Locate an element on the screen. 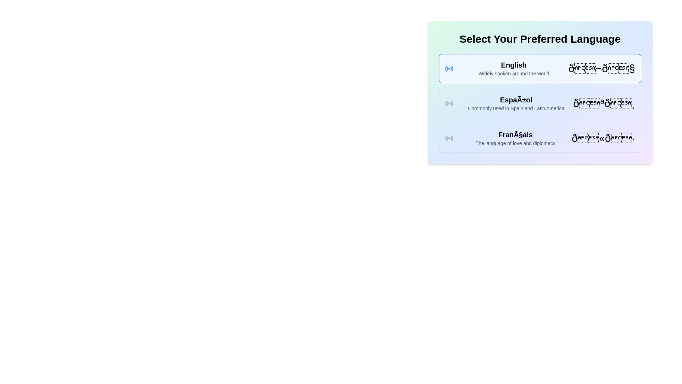  the 'Español' selectable item in the language options list is located at coordinates (540, 92).